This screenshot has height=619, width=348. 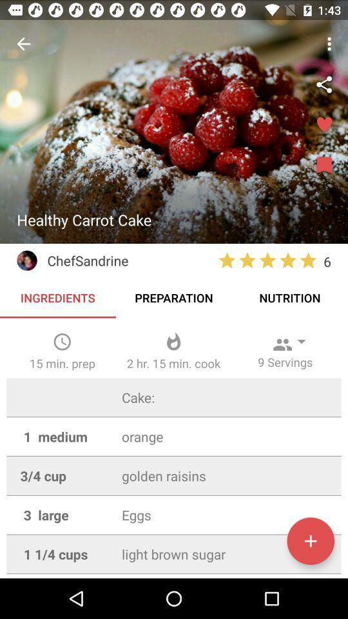 What do you see at coordinates (310, 541) in the screenshot?
I see `appsen` at bounding box center [310, 541].